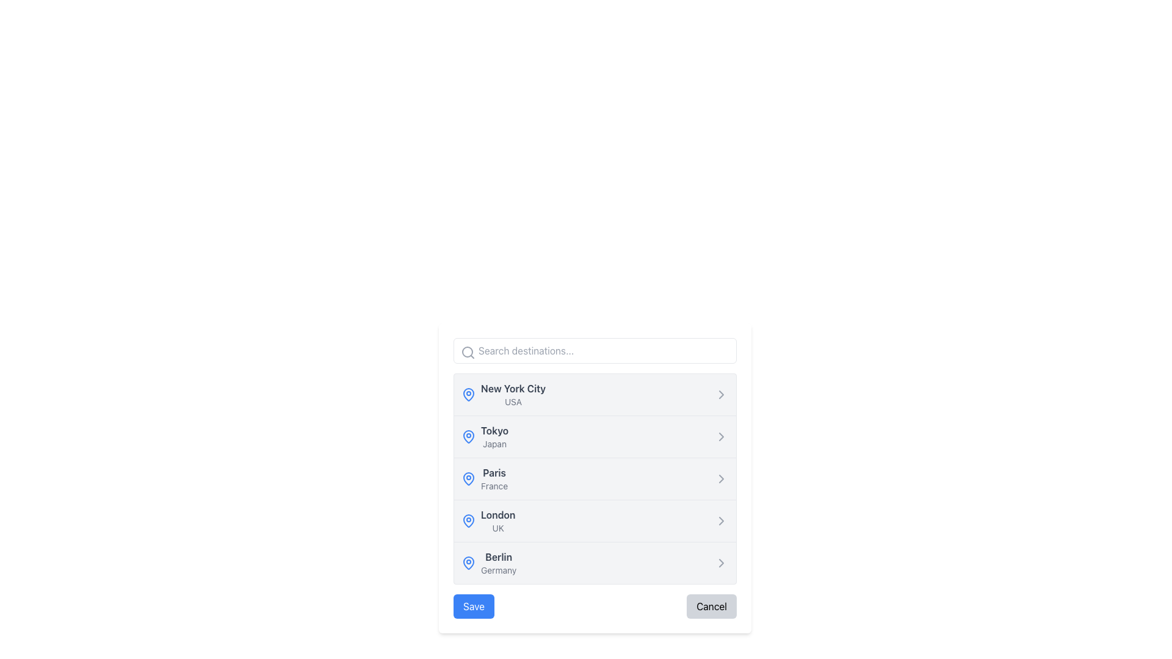 The height and width of the screenshot is (659, 1172). I want to click on the third item in the vertical list of selectable location entries that has a light gray background and borders, so click(595, 478).